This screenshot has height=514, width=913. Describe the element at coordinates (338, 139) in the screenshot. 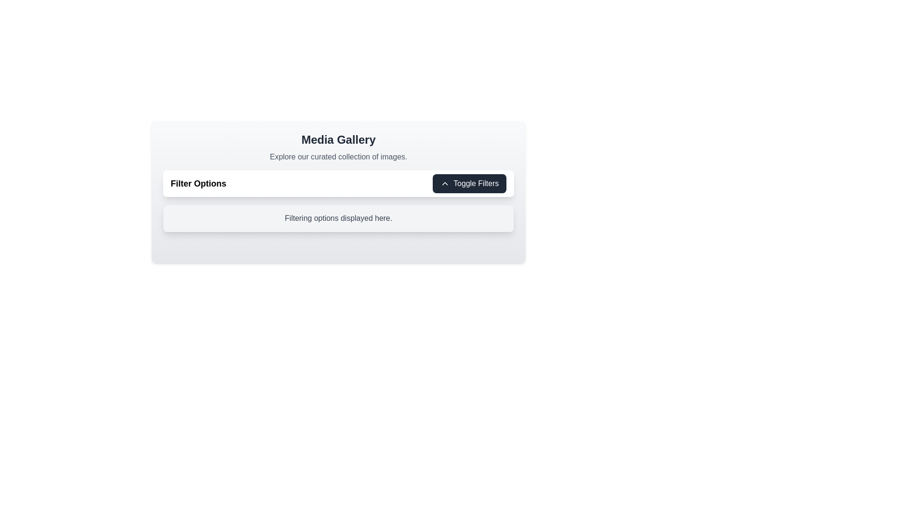

I see `the 'Media Gallery' header text element, which is styled in a large, bold black font and centrally aligned at the top of the application` at that location.